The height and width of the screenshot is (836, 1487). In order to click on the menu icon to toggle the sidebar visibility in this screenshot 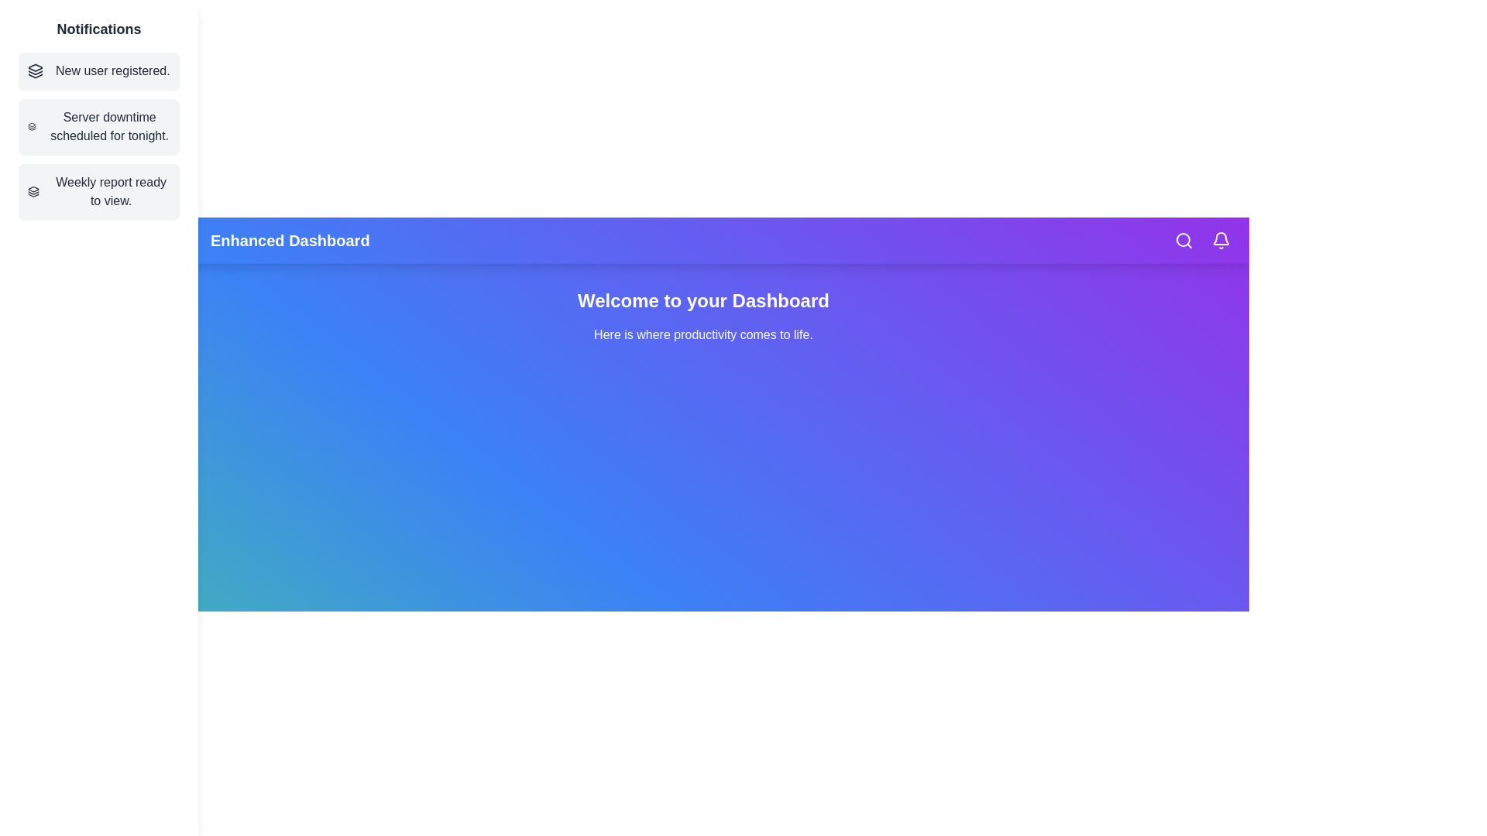, I will do `click(186, 241)`.